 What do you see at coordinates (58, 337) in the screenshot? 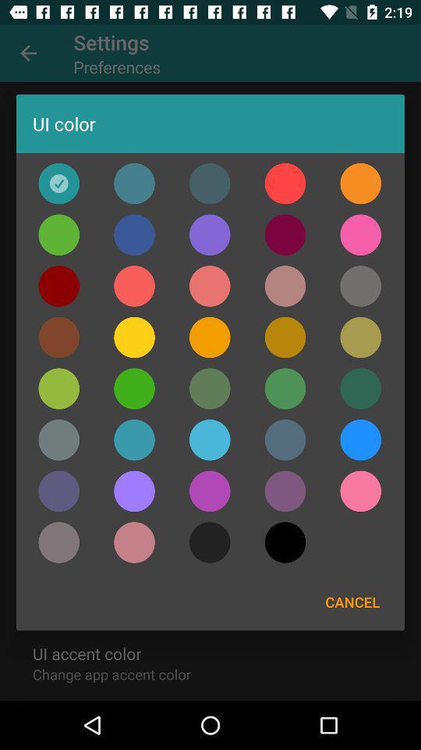
I see `ui color gold` at bounding box center [58, 337].